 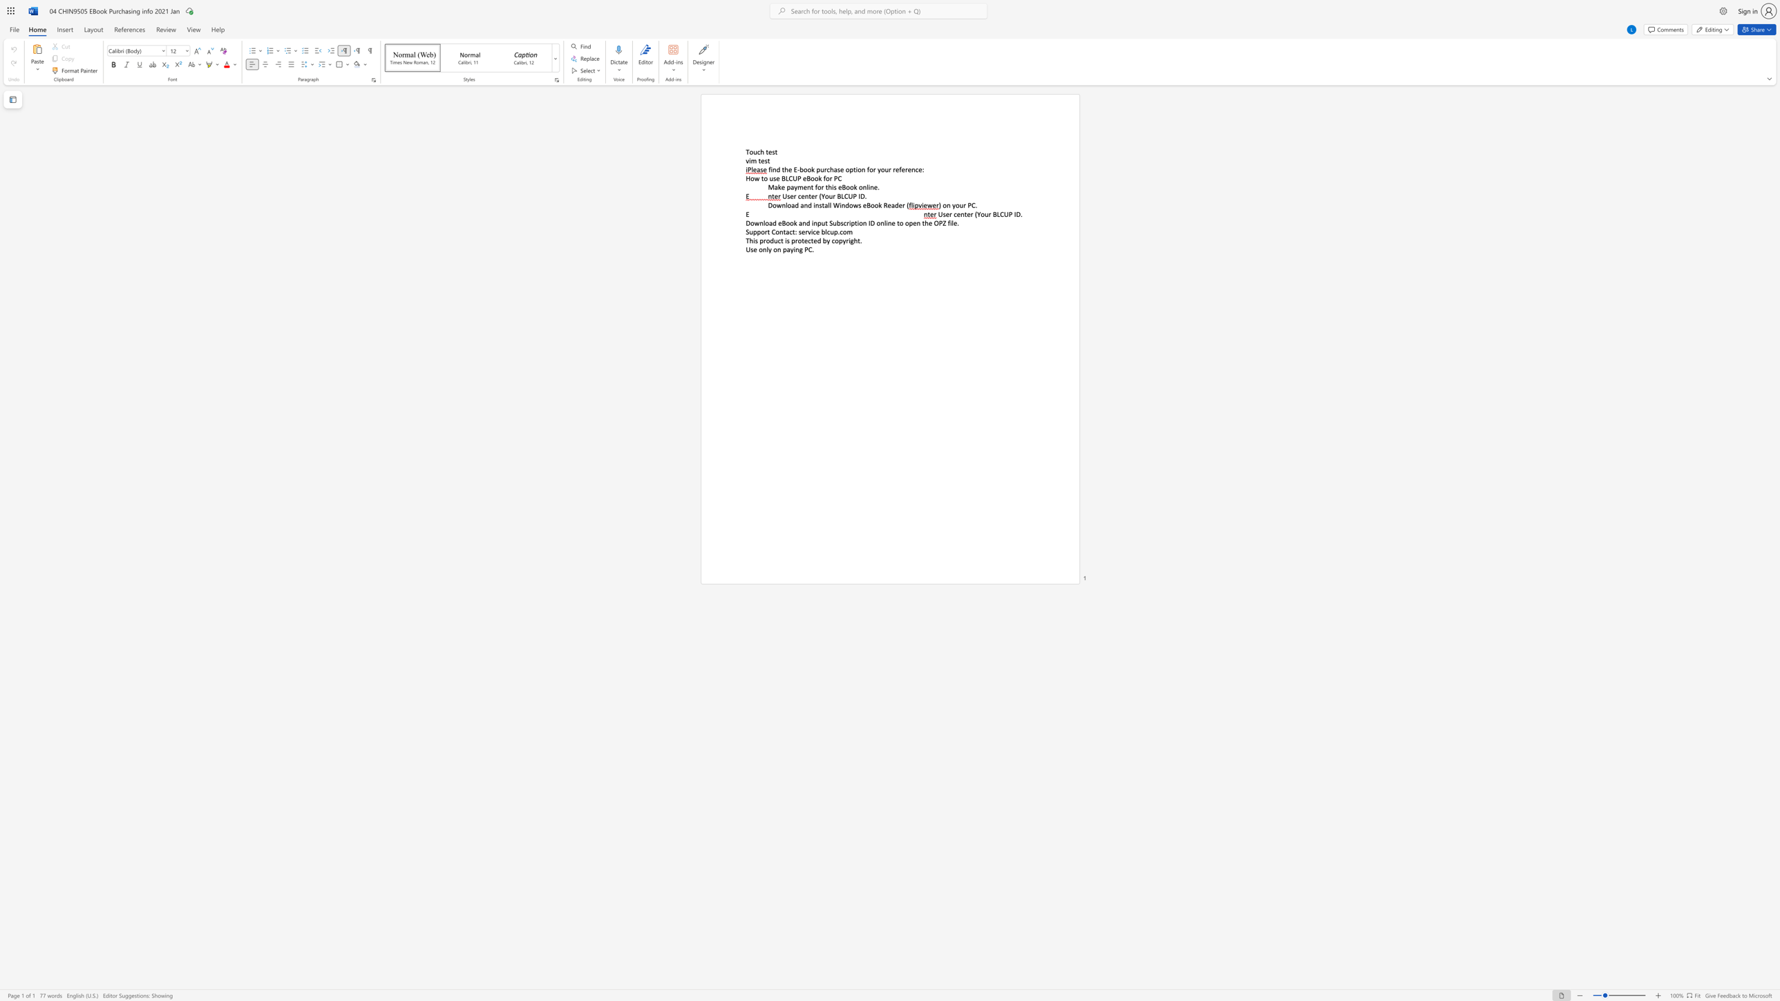 What do you see at coordinates (949, 213) in the screenshot?
I see `the subset text "r center (Your BLCUP I" within the text "User center (Your BLCUP ID."` at bounding box center [949, 213].